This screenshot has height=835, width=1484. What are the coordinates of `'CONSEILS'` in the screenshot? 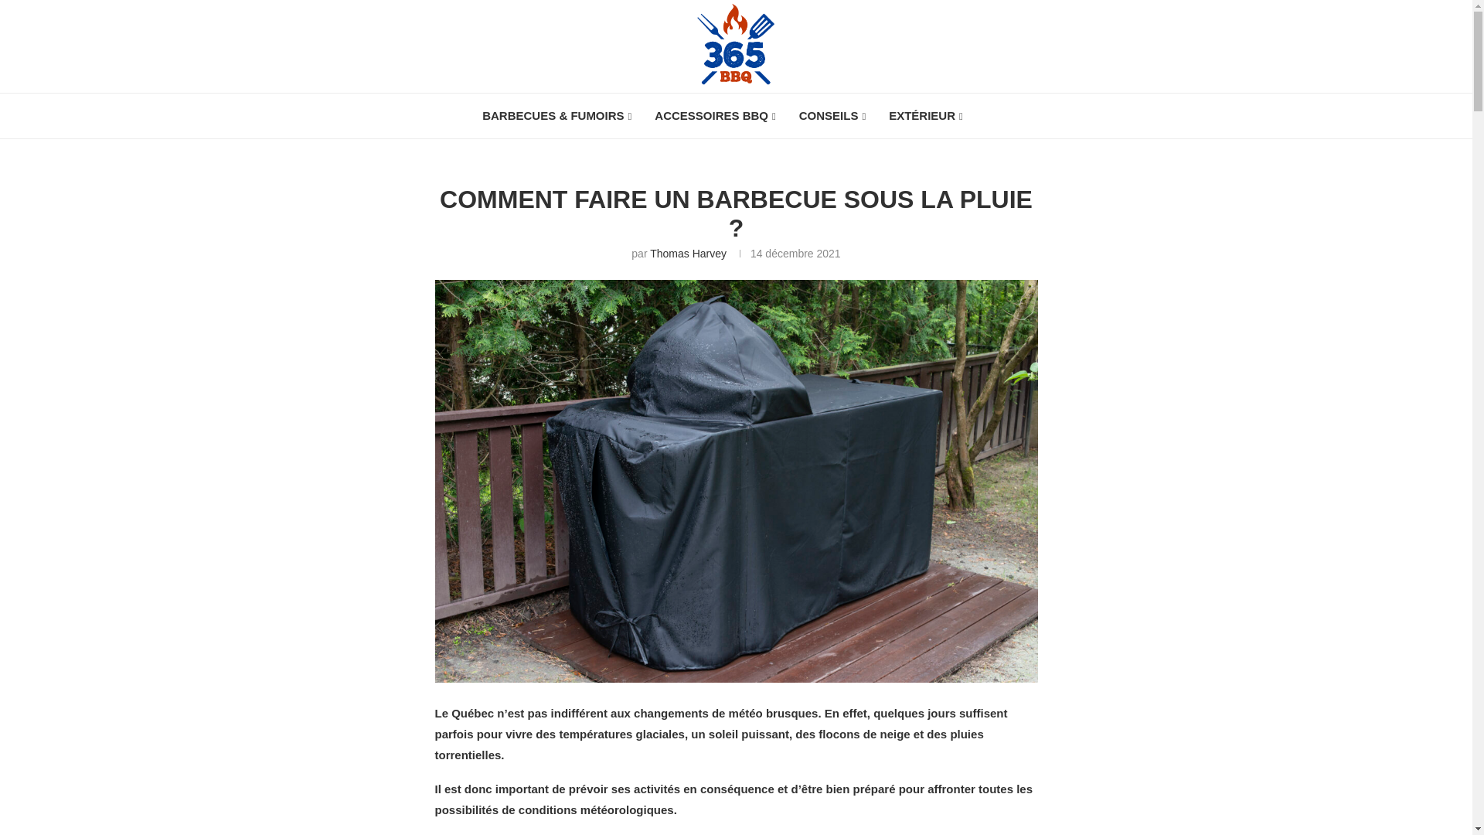 It's located at (831, 115).